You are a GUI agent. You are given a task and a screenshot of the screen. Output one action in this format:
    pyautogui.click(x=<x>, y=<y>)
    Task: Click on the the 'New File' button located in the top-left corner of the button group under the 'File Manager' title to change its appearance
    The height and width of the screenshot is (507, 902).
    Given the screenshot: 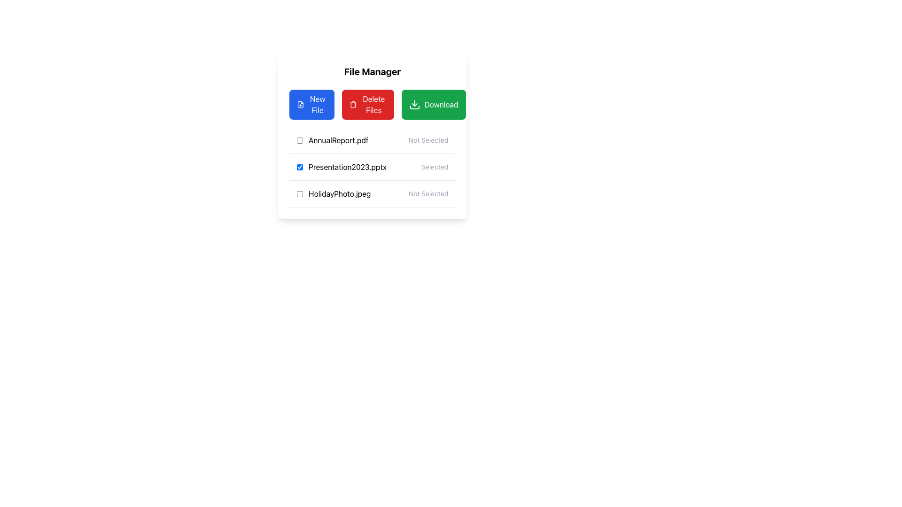 What is the action you would take?
    pyautogui.click(x=312, y=105)
    